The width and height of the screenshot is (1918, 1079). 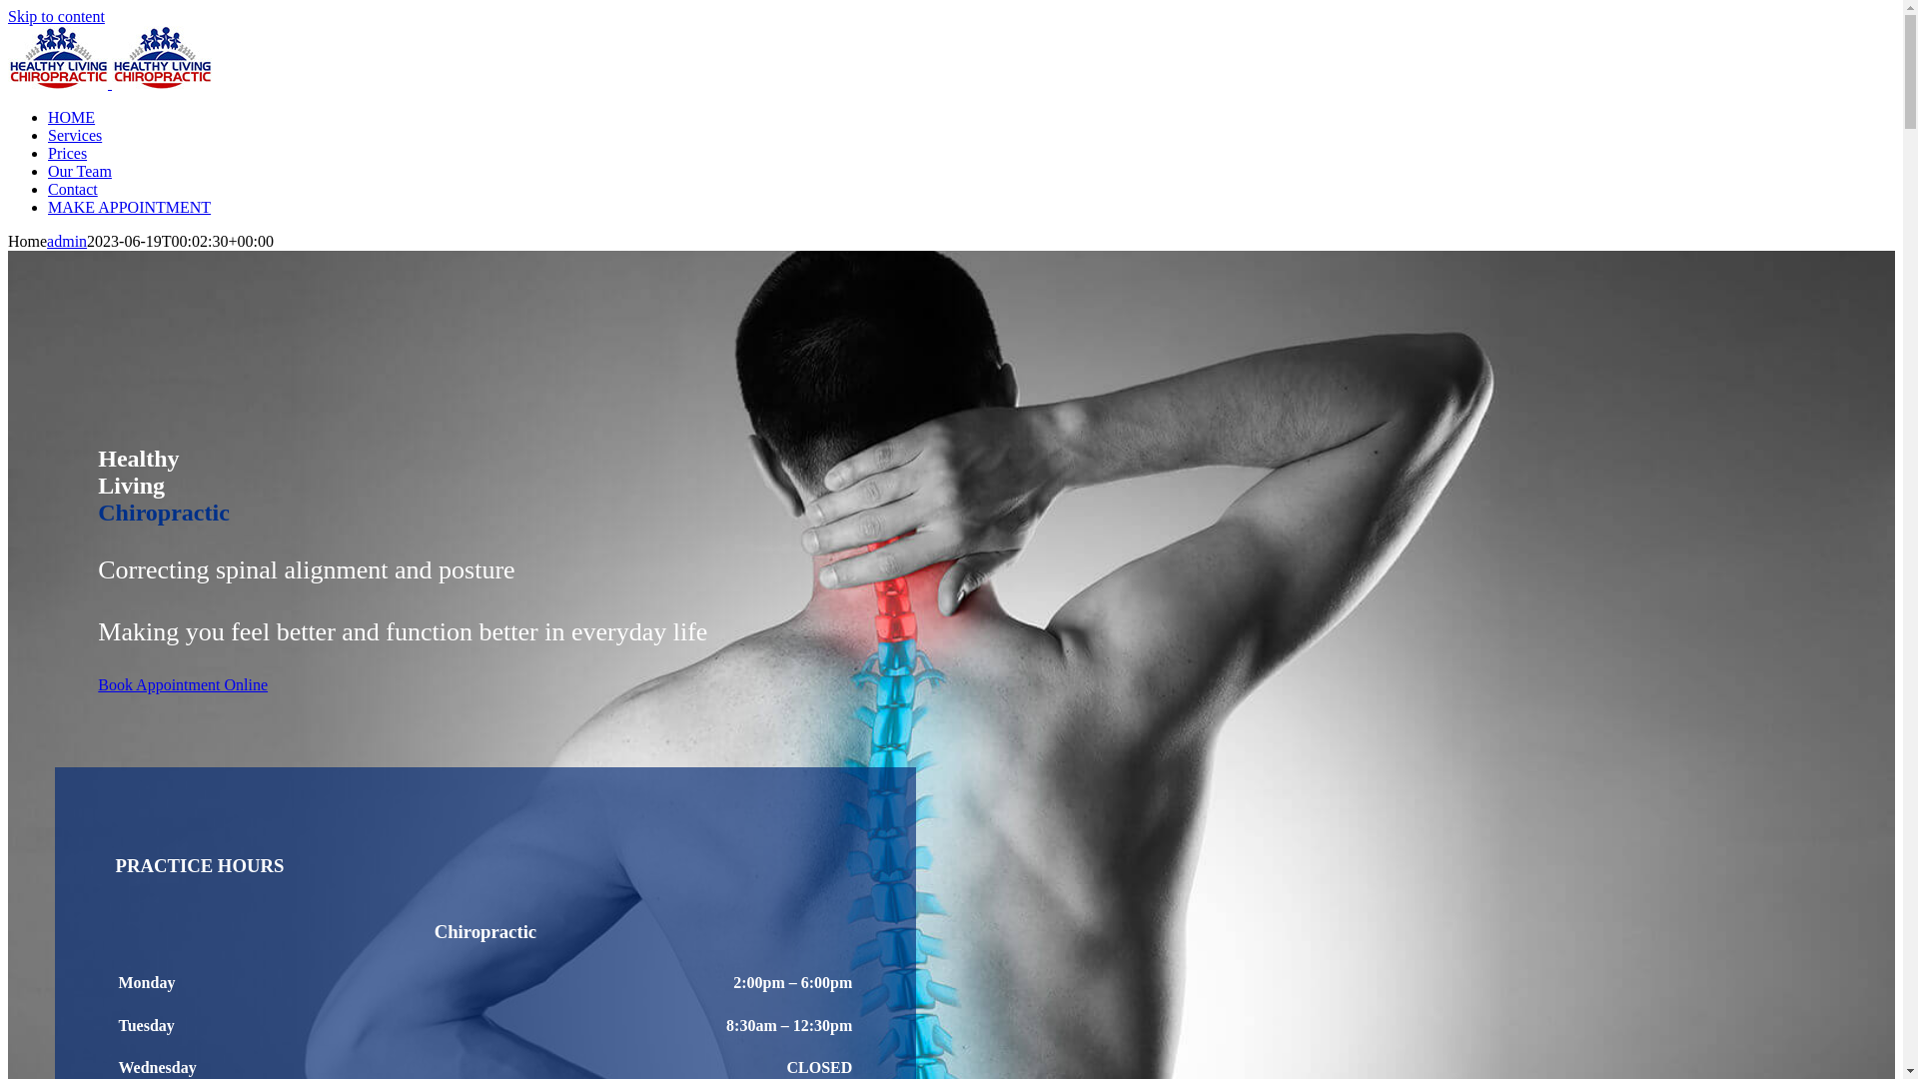 What do you see at coordinates (128, 207) in the screenshot?
I see `'MAKE APPOINTMENT'` at bounding box center [128, 207].